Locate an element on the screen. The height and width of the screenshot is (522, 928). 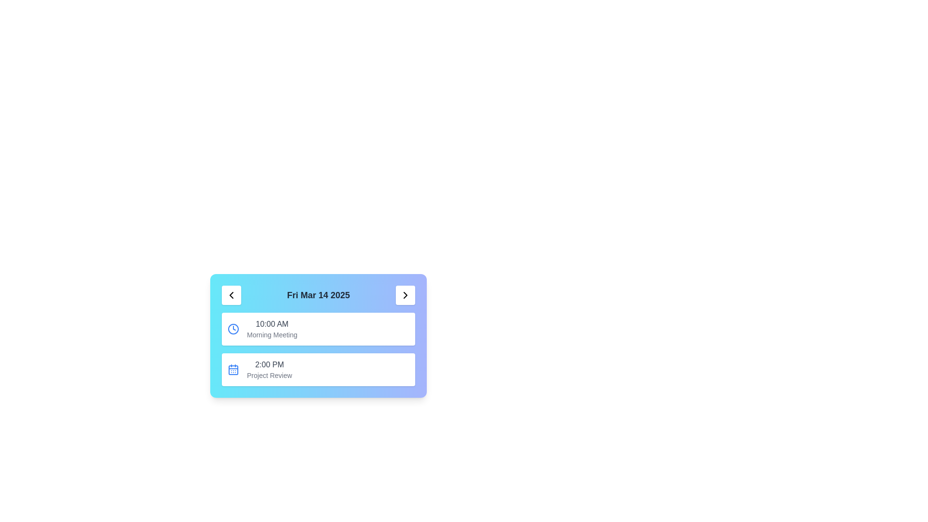
text contained in the List of schedulable events or items, which is centrally located within a card component below the header displaying 'Fri Mar 14 2025' is located at coordinates (318, 349).